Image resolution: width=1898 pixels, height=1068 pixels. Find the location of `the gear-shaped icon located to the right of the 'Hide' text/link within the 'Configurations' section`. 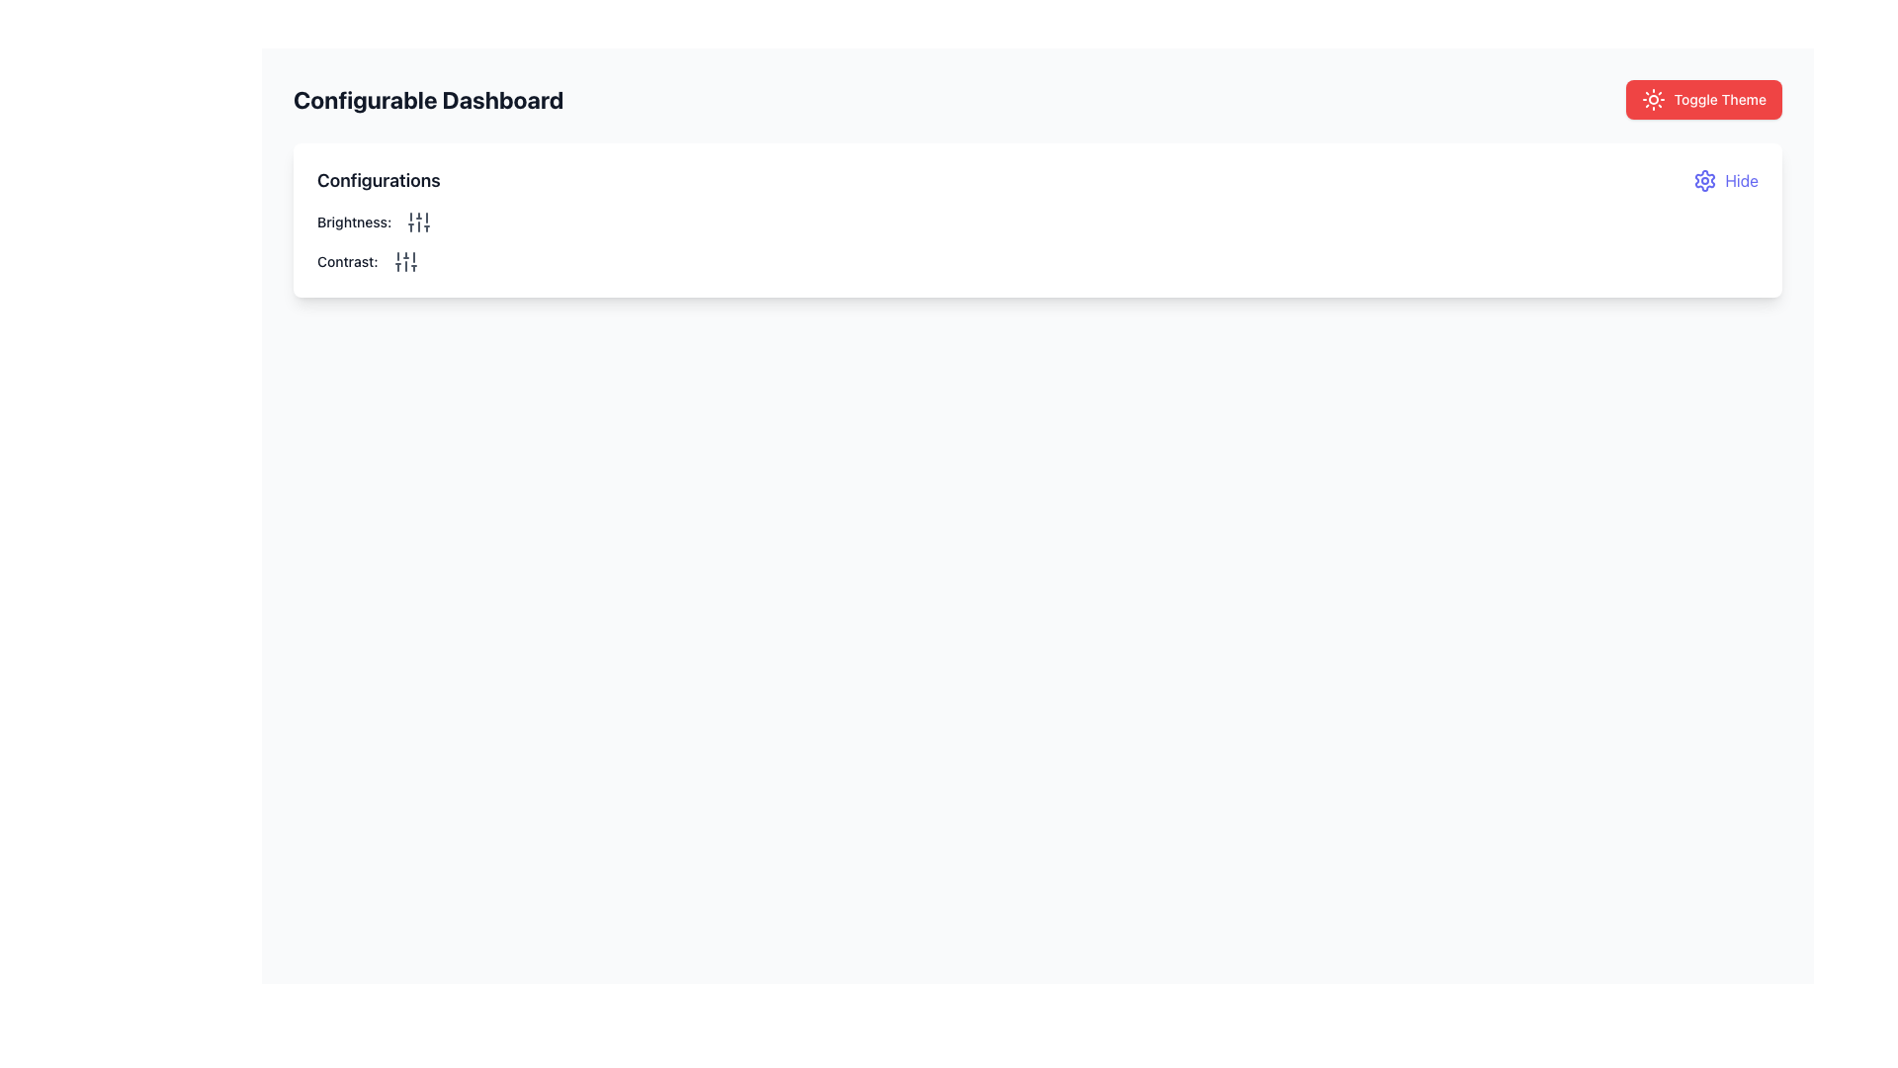

the gear-shaped icon located to the right of the 'Hide' text/link within the 'Configurations' section is located at coordinates (1704, 180).